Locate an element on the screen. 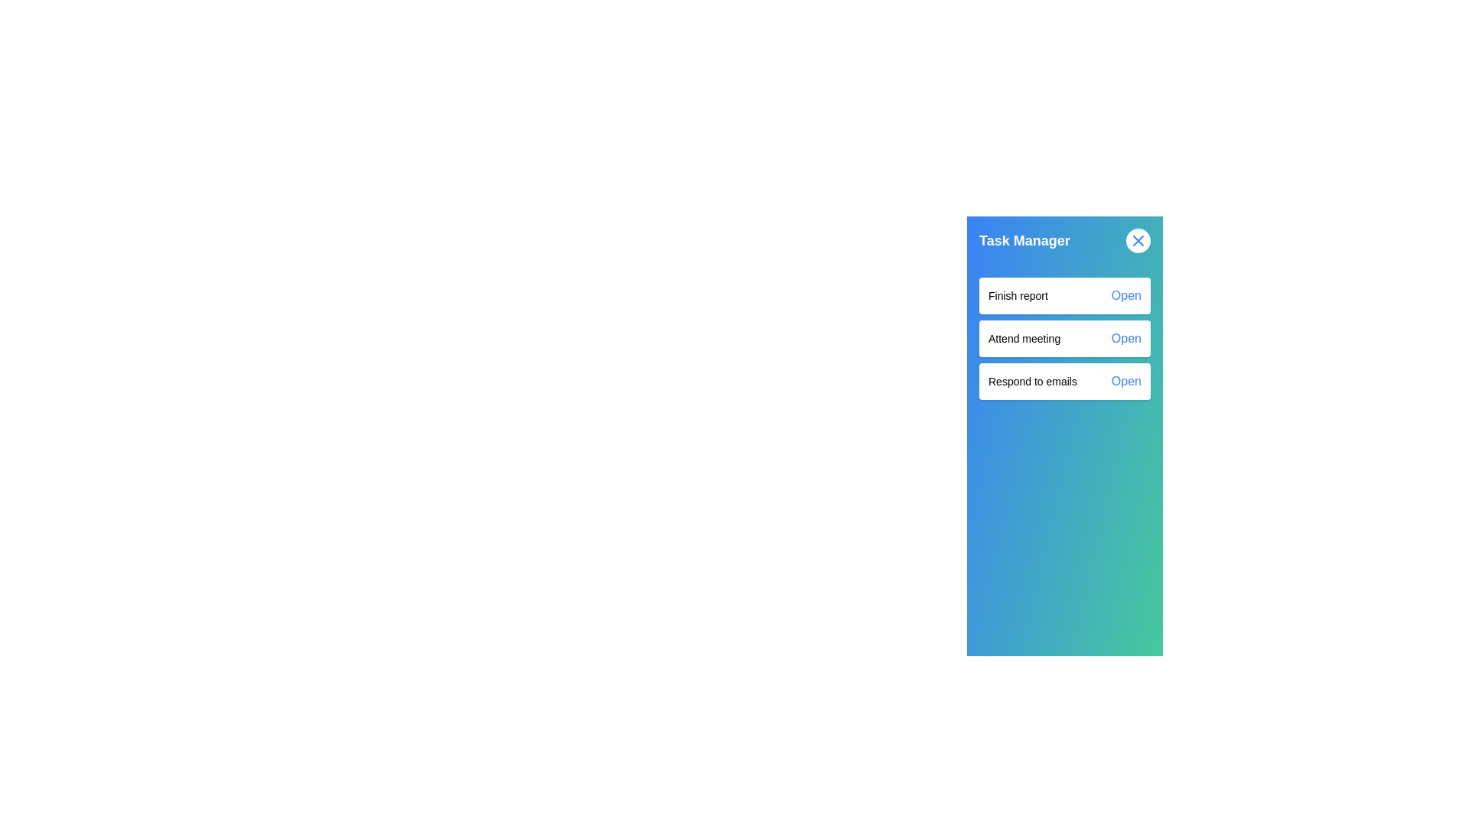  the 'Respond to emails' text label, which is part of the third task in the task manager interface, located within a white card to the left of the 'Open' link is located at coordinates (1032, 380).